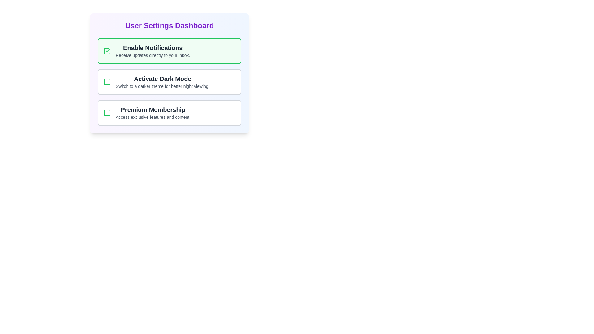 Image resolution: width=594 pixels, height=334 pixels. I want to click on the bright green square checkbox indicator with a checkmark symbol located at the start of the 'Enable Notifications' text in the User Settings Dashboard, so click(107, 51).